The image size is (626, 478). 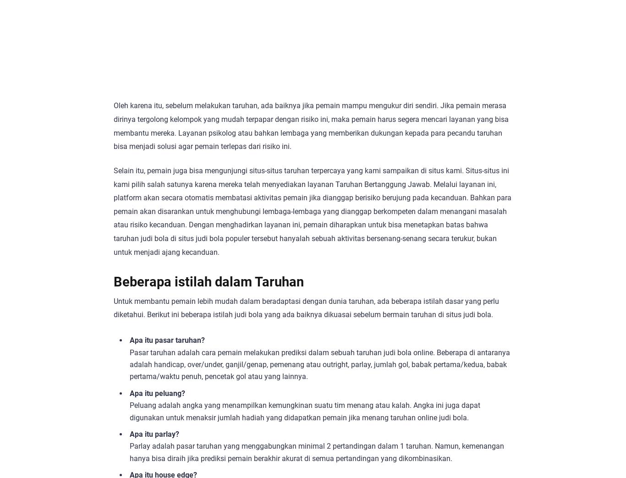 What do you see at coordinates (130, 411) in the screenshot?
I see `'Peluang adalah angka yang menampilkan kemungkinan suatu tim menang atau kalah. Angka ini juga dapat digunakan untuk menaksir jumlah hadiah yang didapatkan pemain jika menang taruhan online judi bola.'` at bounding box center [130, 411].